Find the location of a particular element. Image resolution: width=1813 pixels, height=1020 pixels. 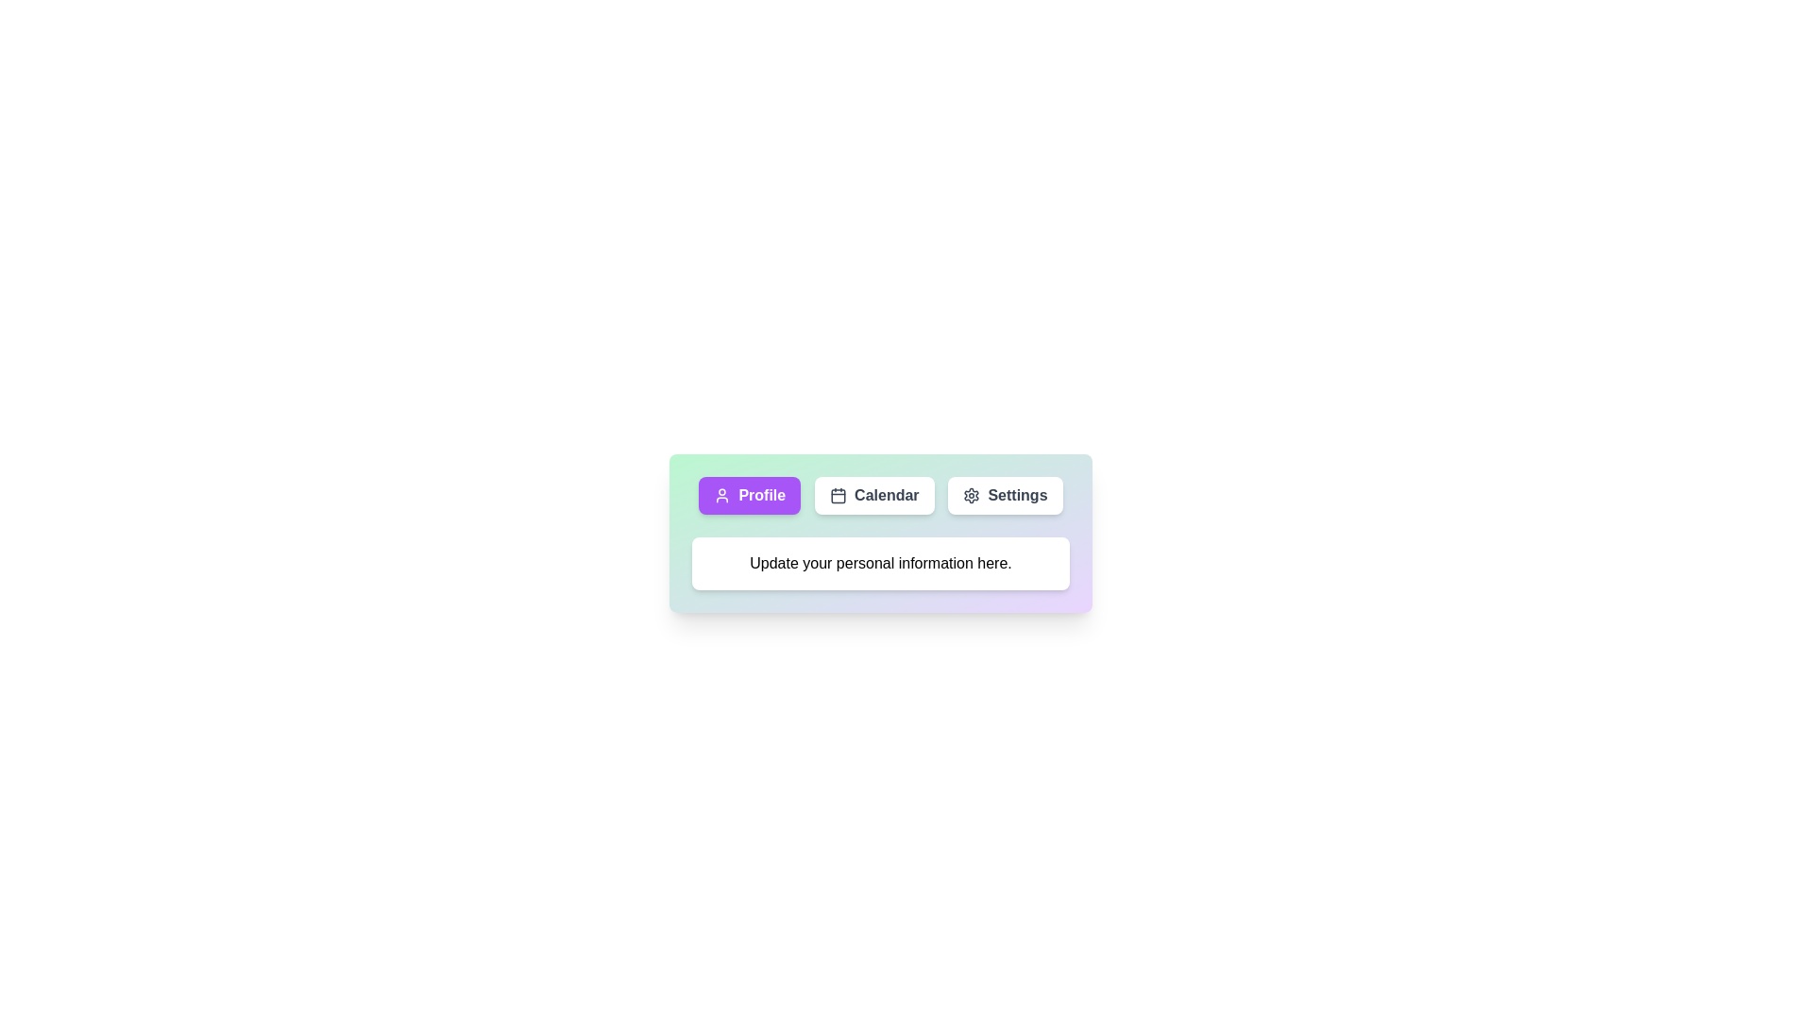

the calendar icon, which is a minimalist outline style calendar situated to the left within the 'Calendar' button at the top area of the interface is located at coordinates (838, 494).